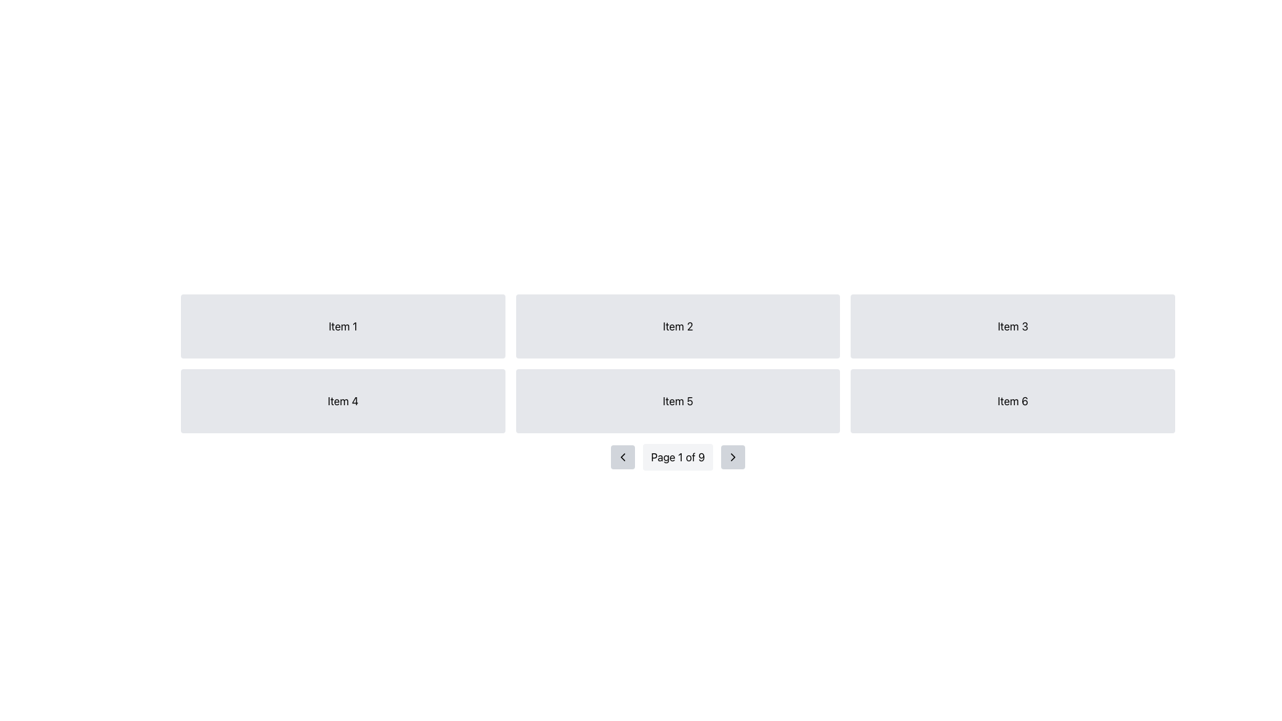 The width and height of the screenshot is (1282, 721). Describe the element at coordinates (343, 326) in the screenshot. I see `the rectangular tile with a light gray background and centered text 'Item 1', located in the top-left corner of the grid` at that location.